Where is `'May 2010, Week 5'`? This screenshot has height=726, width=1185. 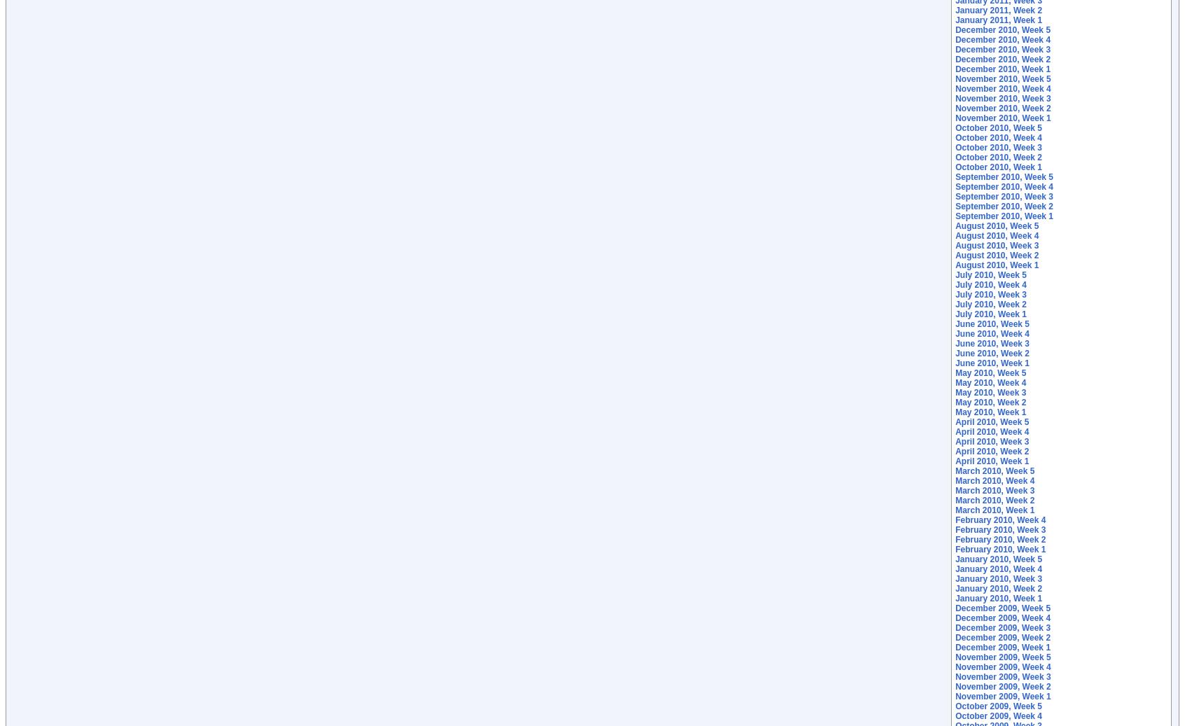 'May 2010, Week 5' is located at coordinates (990, 373).